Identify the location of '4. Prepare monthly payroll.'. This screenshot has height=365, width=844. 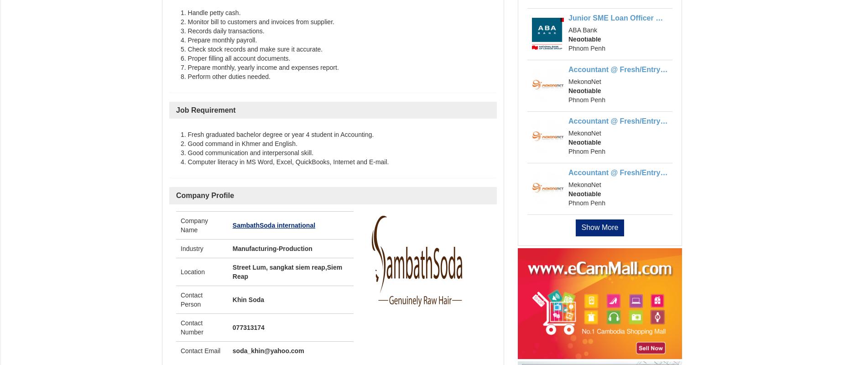
(219, 39).